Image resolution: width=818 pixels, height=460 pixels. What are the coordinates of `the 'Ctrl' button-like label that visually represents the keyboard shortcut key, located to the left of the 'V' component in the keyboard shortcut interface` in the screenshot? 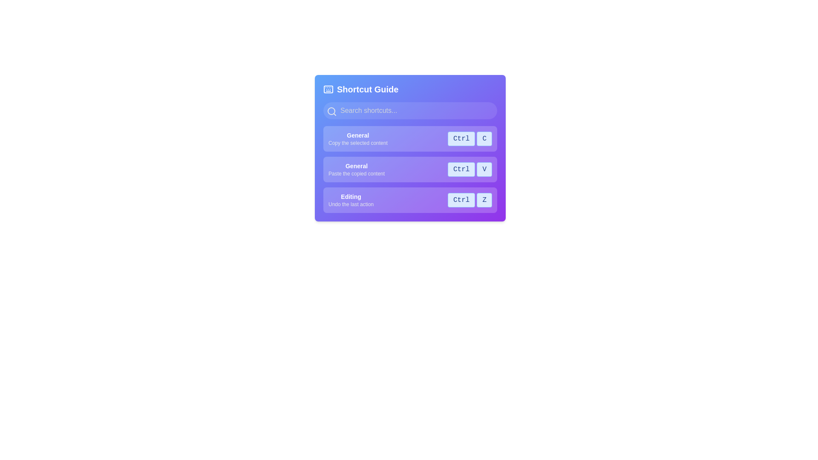 It's located at (461, 169).